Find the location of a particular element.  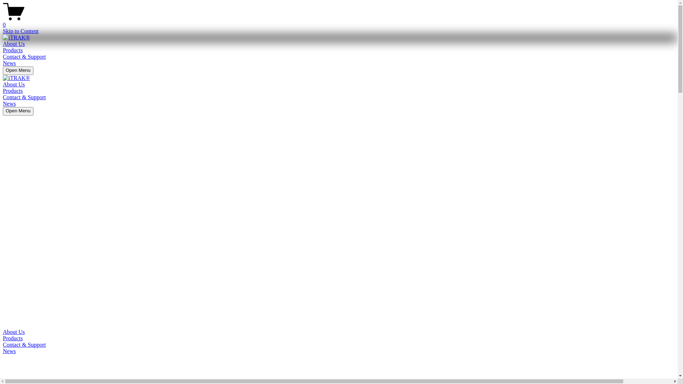

'Contact & Support' is located at coordinates (24, 56).